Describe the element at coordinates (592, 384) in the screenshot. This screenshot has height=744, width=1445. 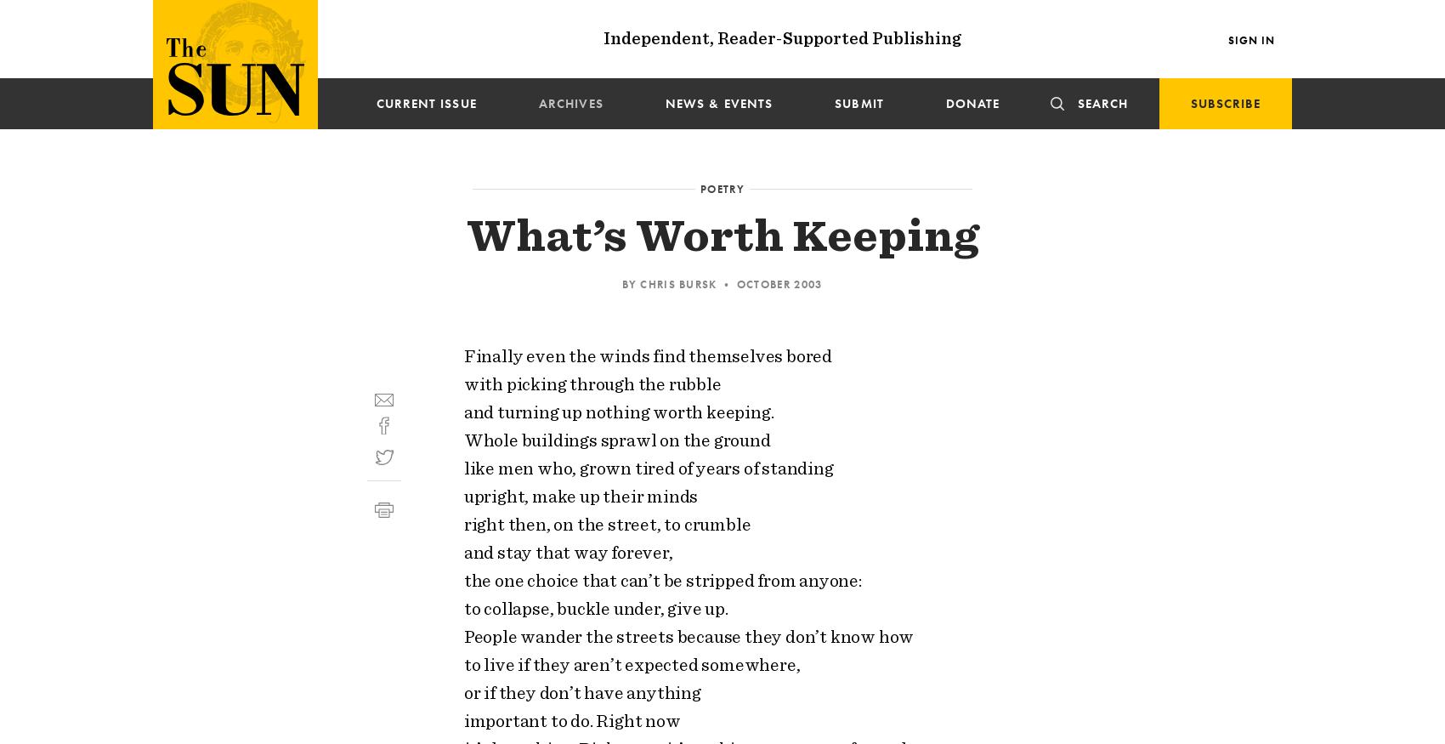
I see `'with picking through the rubble'` at that location.